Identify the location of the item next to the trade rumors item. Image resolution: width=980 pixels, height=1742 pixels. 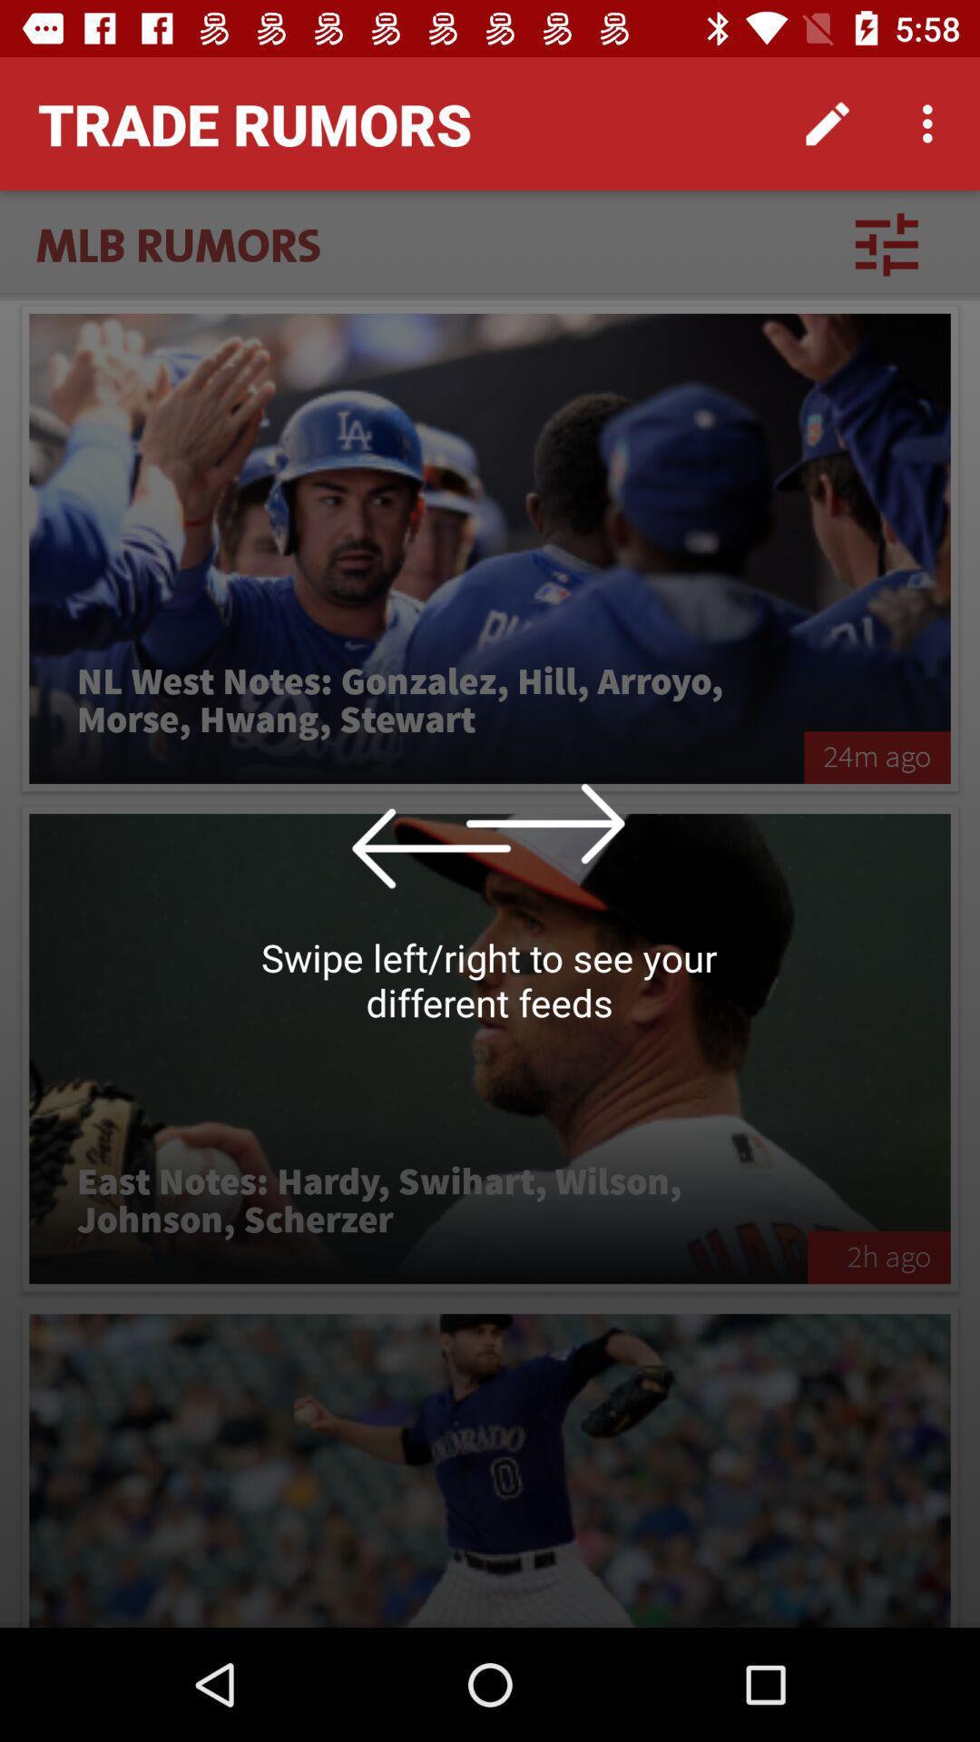
(827, 122).